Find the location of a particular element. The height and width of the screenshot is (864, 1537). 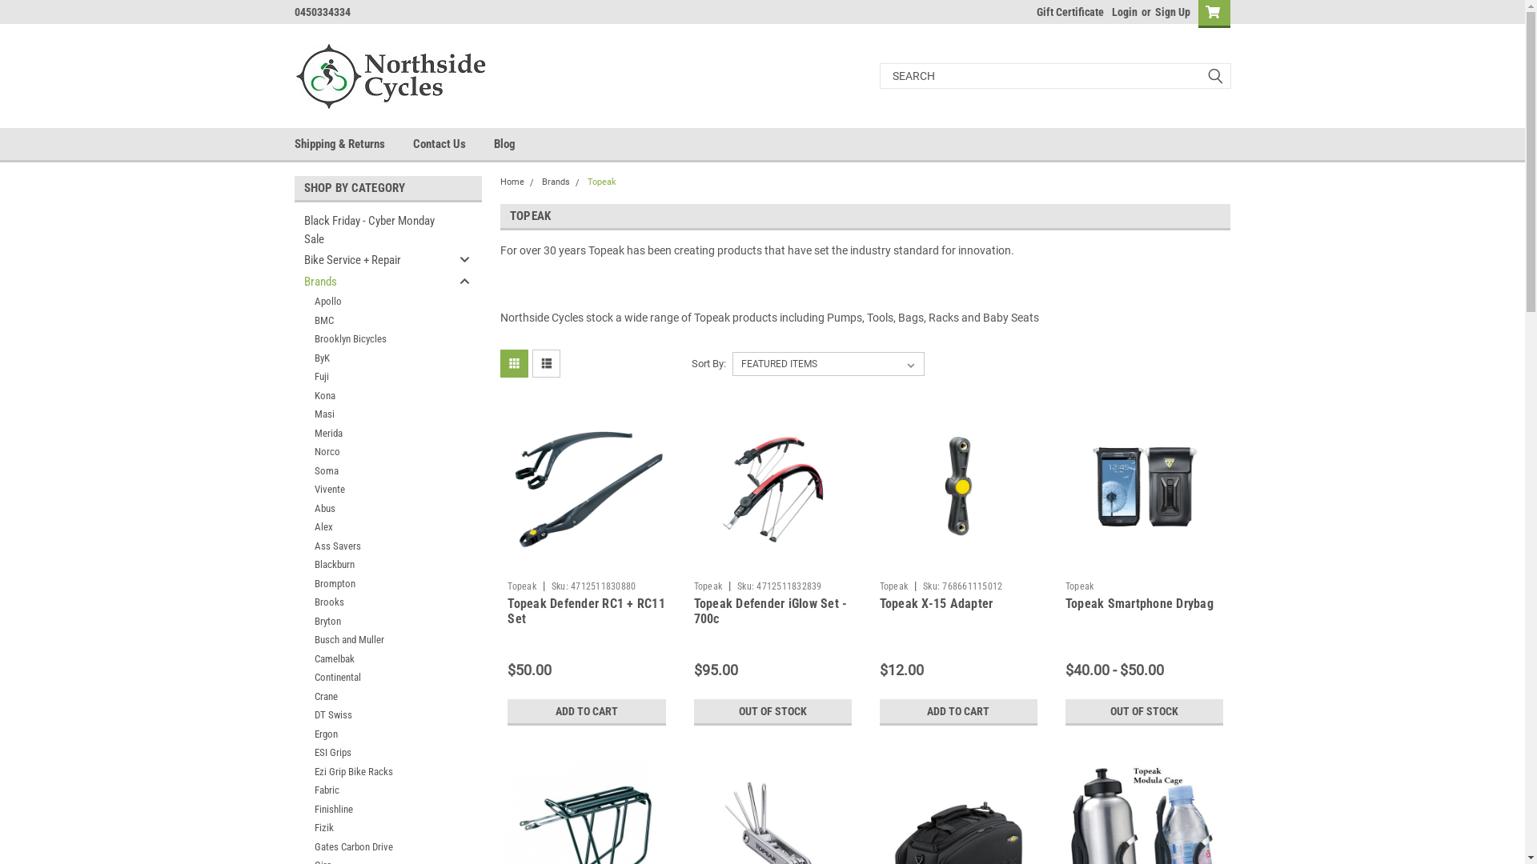

'Home' is located at coordinates (511, 181).